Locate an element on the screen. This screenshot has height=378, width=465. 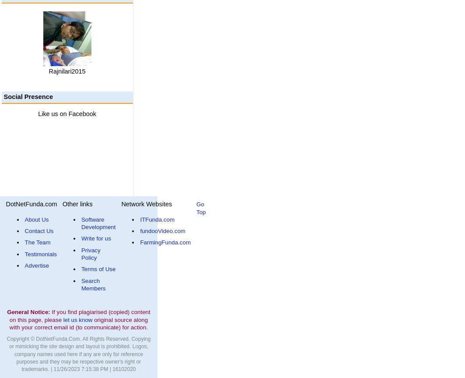
'Advertise' is located at coordinates (36, 265).